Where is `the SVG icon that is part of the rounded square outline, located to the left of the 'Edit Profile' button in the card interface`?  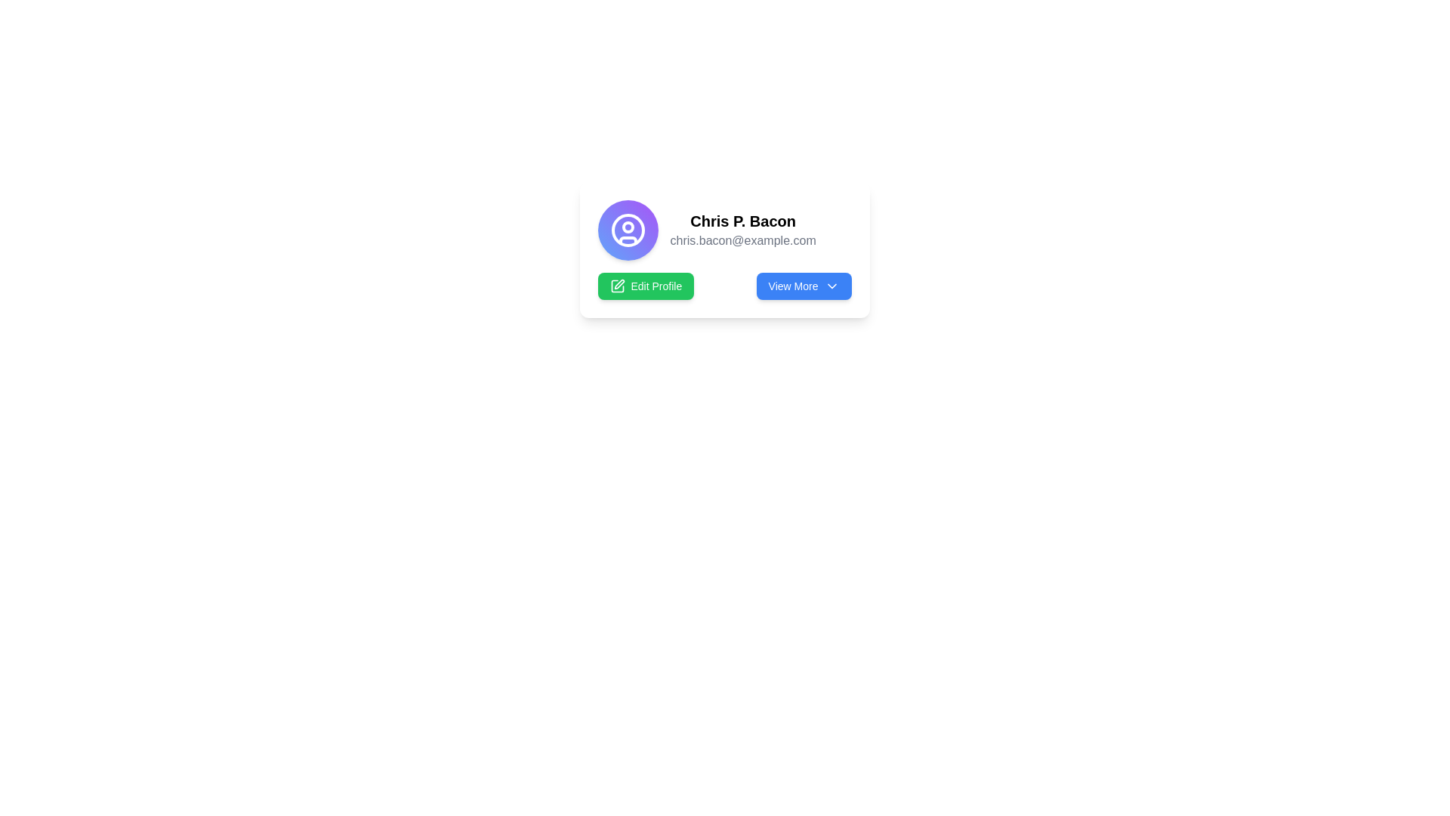
the SVG icon that is part of the rounded square outline, located to the left of the 'Edit Profile' button in the card interface is located at coordinates (617, 286).